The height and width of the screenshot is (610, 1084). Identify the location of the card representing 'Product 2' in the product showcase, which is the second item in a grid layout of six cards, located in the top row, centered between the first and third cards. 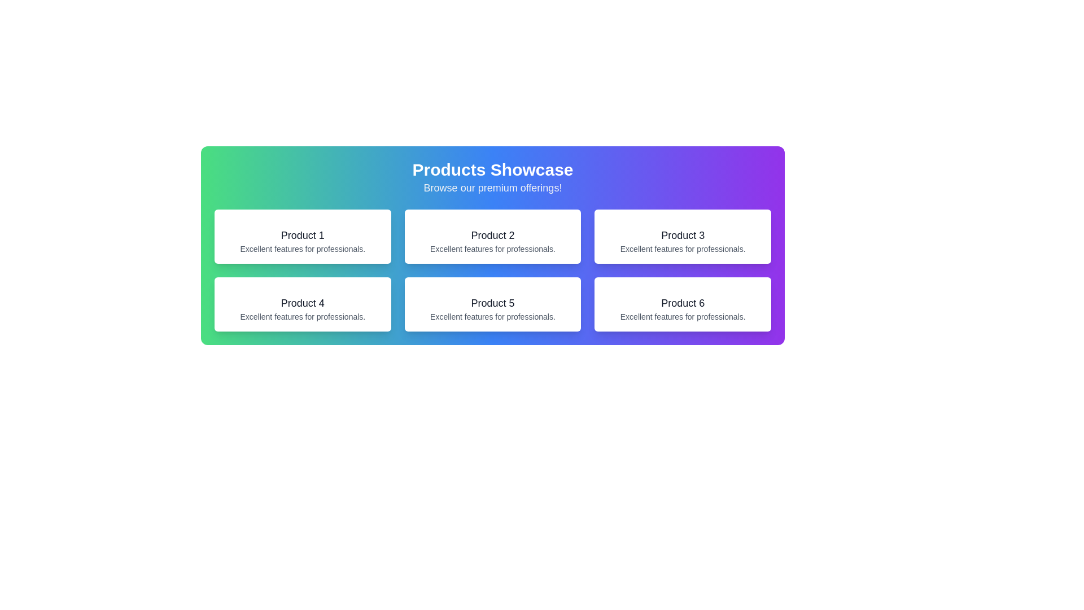
(493, 236).